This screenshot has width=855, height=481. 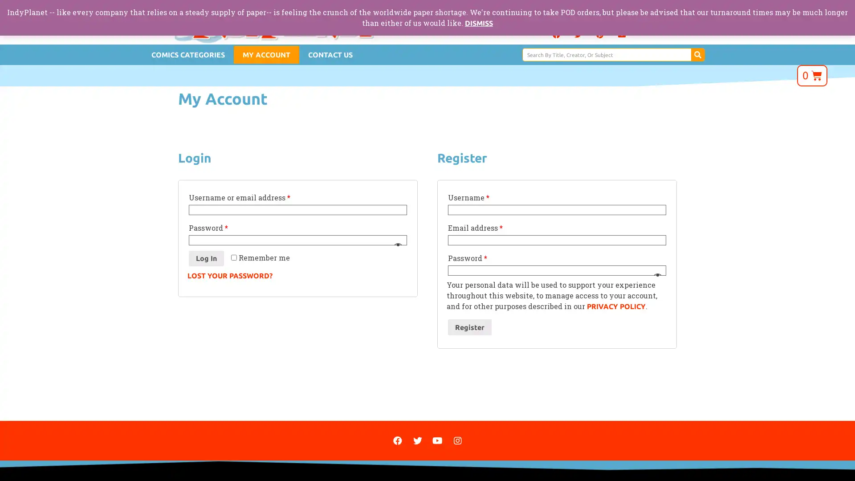 What do you see at coordinates (469, 326) in the screenshot?
I see `Register` at bounding box center [469, 326].